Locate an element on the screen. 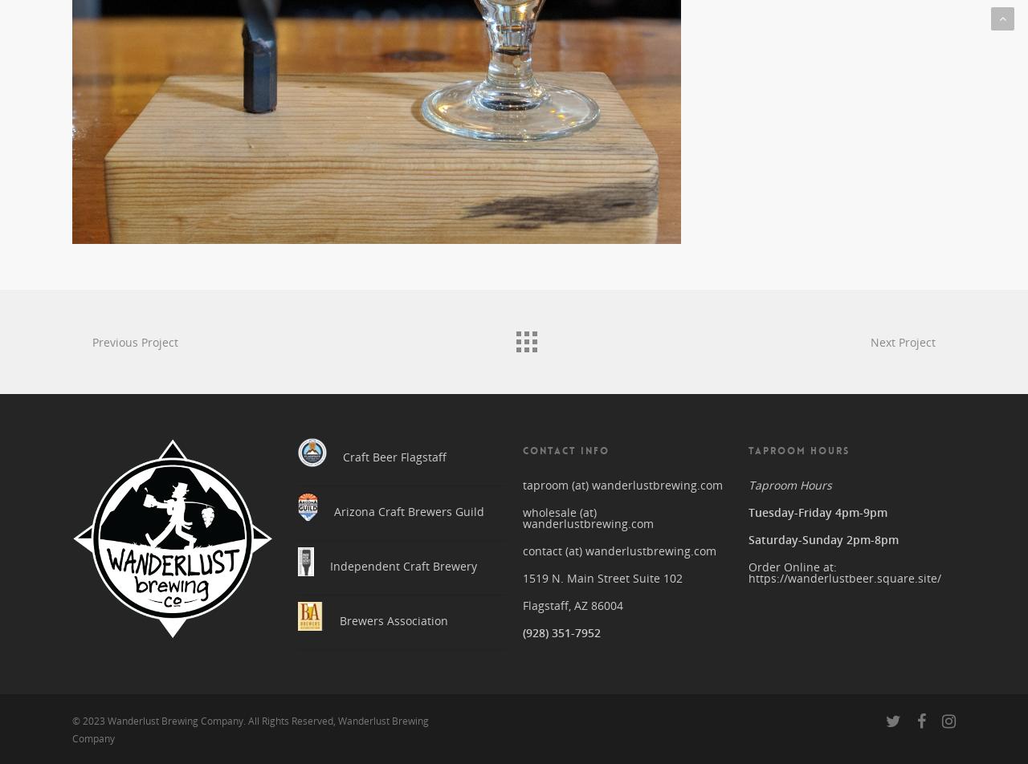 The image size is (1028, 764). 'Order Online at:' is located at coordinates (791, 560).